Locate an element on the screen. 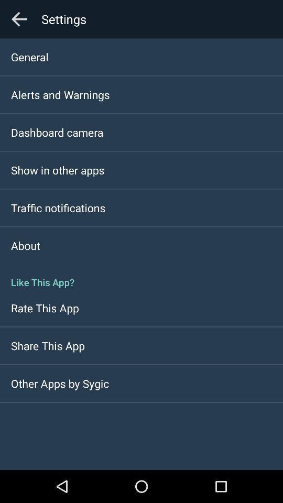  the icon below general icon is located at coordinates (60, 94).